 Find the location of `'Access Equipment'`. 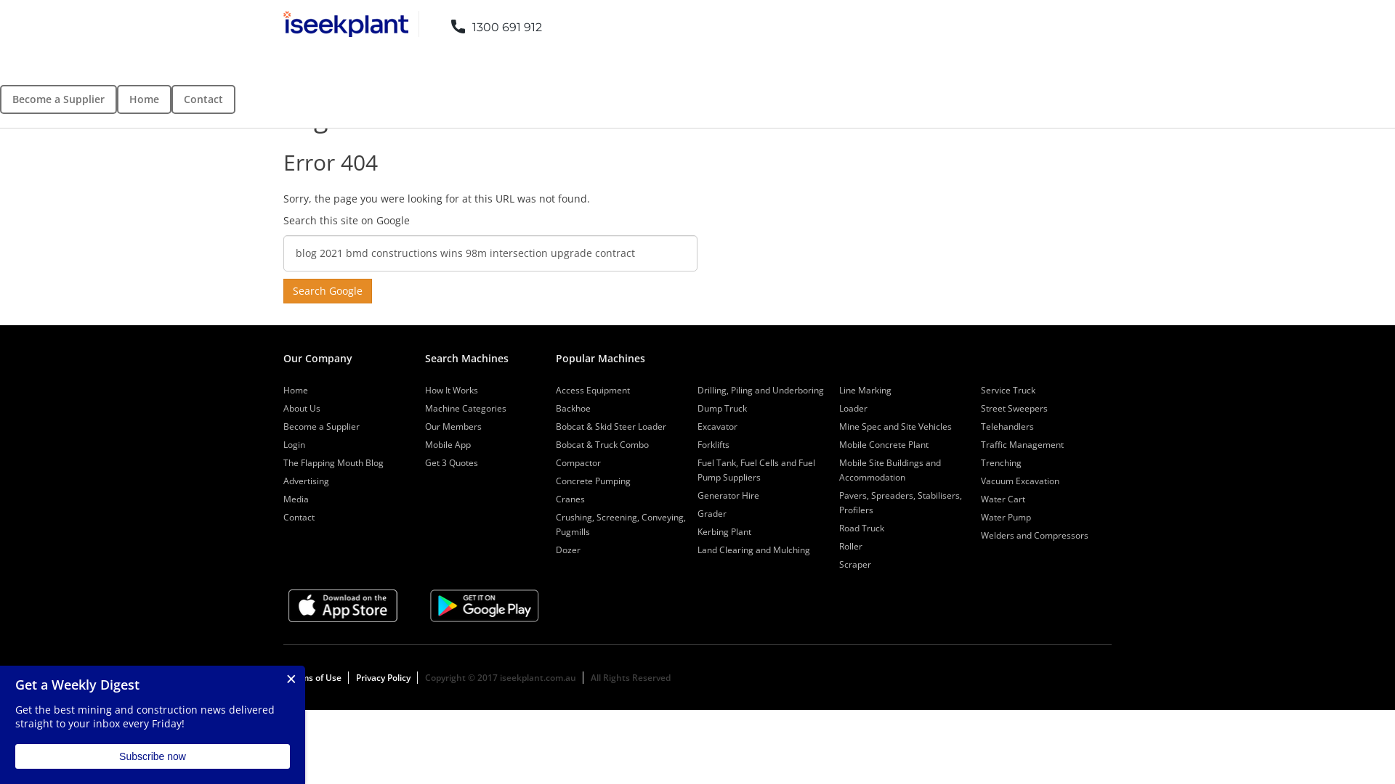

'Access Equipment' is located at coordinates (554, 389).